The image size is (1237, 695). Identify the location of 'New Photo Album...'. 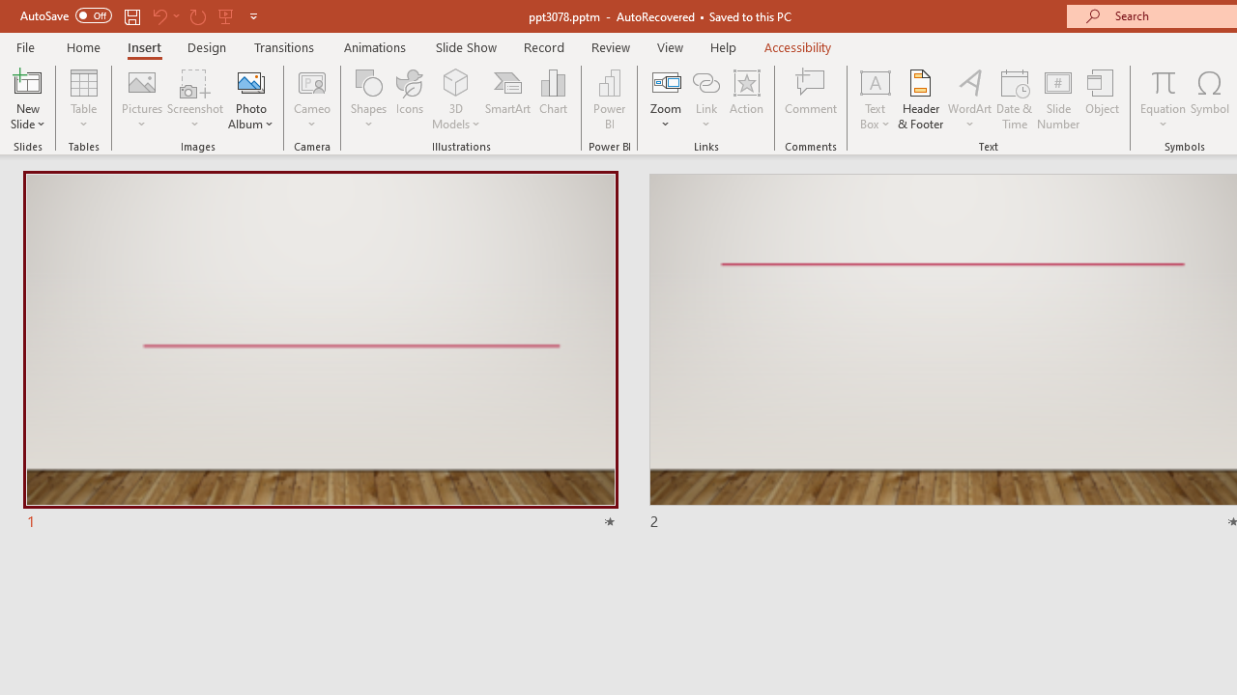
(249, 81).